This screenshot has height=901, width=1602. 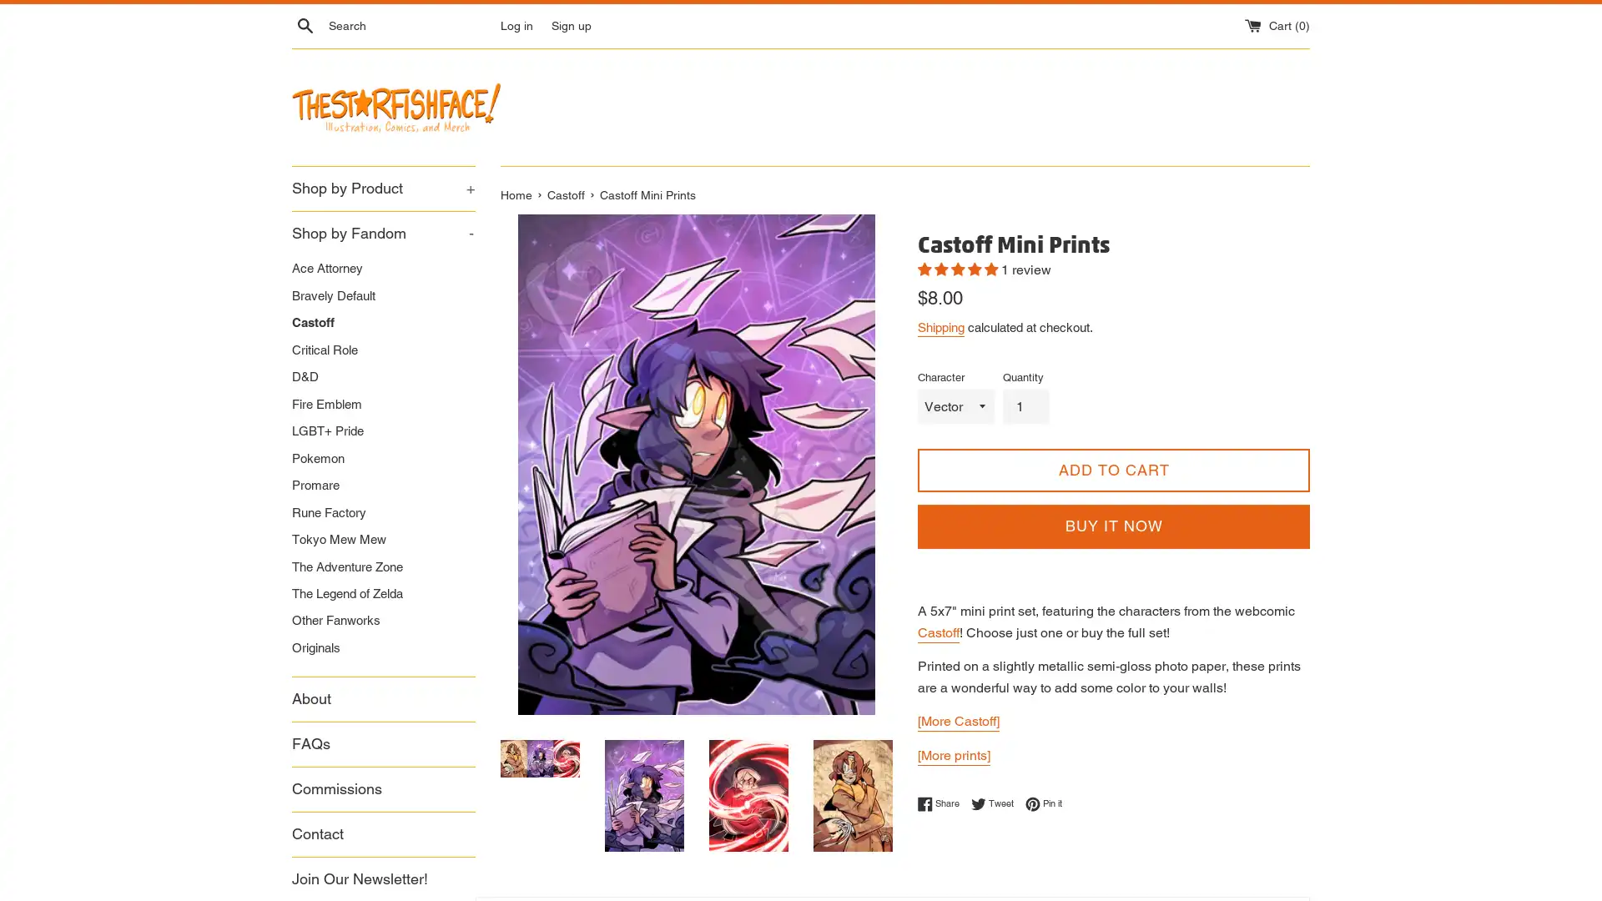 What do you see at coordinates (960, 268) in the screenshot?
I see `5.00 stars` at bounding box center [960, 268].